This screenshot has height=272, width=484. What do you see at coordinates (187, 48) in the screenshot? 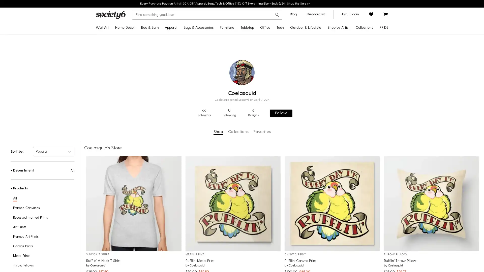
I see `Crewneck Sweatshirts` at bounding box center [187, 48].